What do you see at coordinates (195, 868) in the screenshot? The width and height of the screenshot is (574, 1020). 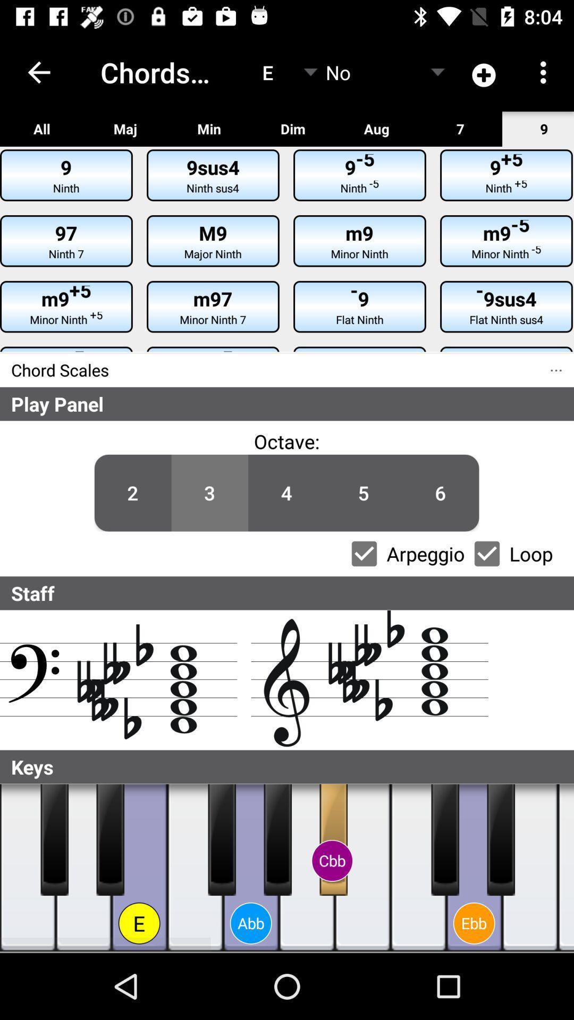 I see `piano key` at bounding box center [195, 868].